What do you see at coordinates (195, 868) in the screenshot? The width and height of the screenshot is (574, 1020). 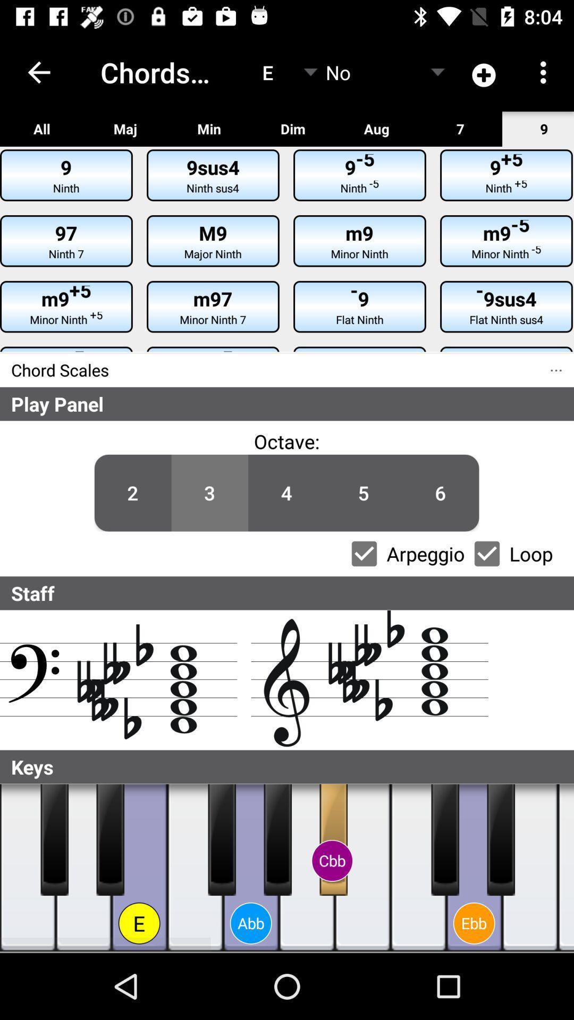 I see `piano key` at bounding box center [195, 868].